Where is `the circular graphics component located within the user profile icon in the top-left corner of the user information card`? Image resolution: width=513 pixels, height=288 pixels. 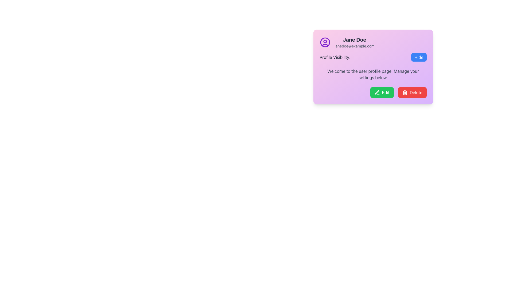
the circular graphics component located within the user profile icon in the top-left corner of the user information card is located at coordinates (325, 42).